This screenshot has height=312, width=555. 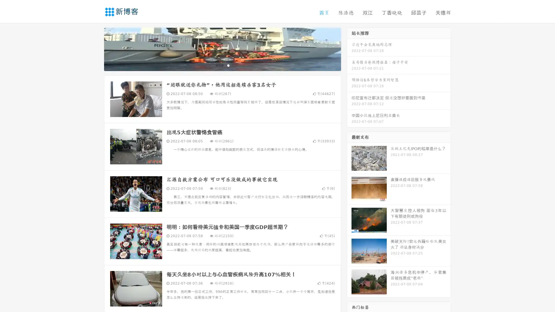 I want to click on Go to slide 2, so click(x=222, y=65).